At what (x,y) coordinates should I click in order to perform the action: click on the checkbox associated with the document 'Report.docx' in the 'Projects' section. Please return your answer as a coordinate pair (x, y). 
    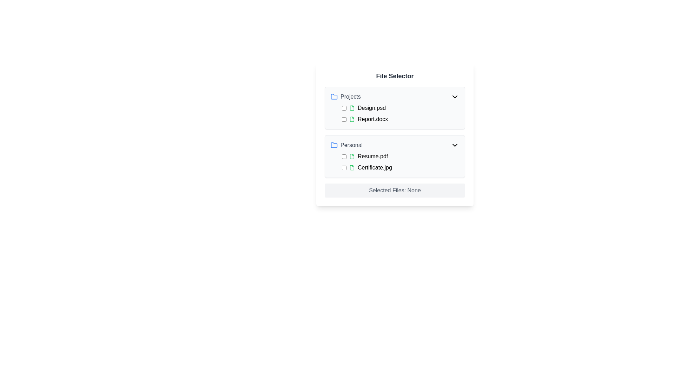
    Looking at the image, I should click on (344, 119).